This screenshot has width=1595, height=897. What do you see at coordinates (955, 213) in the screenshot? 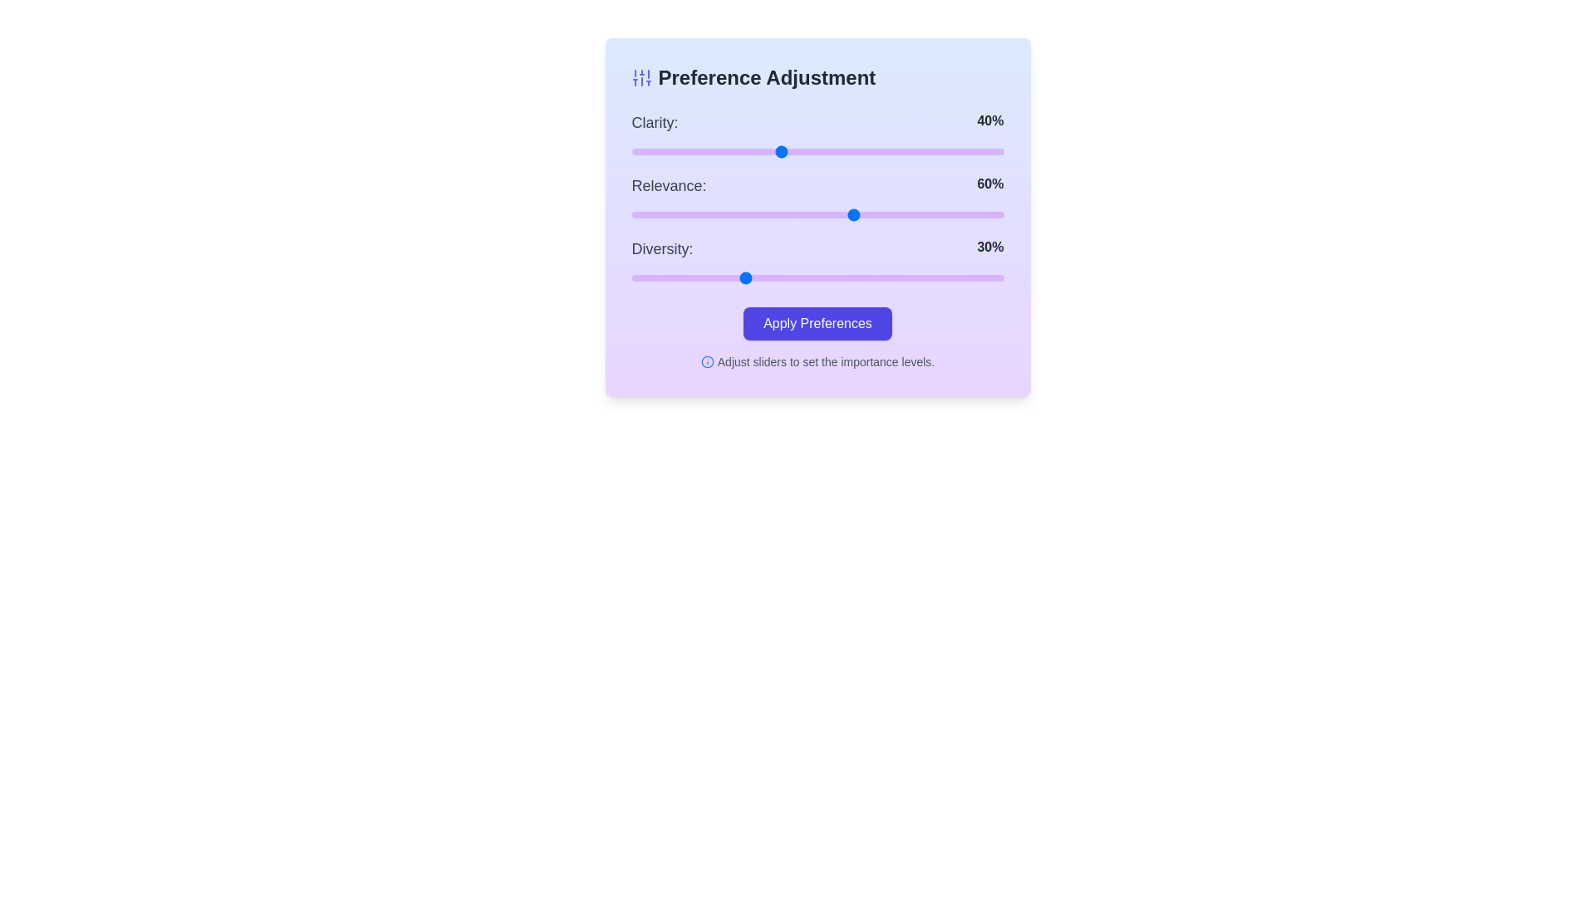
I see `the 1 slider to 87%` at bounding box center [955, 213].